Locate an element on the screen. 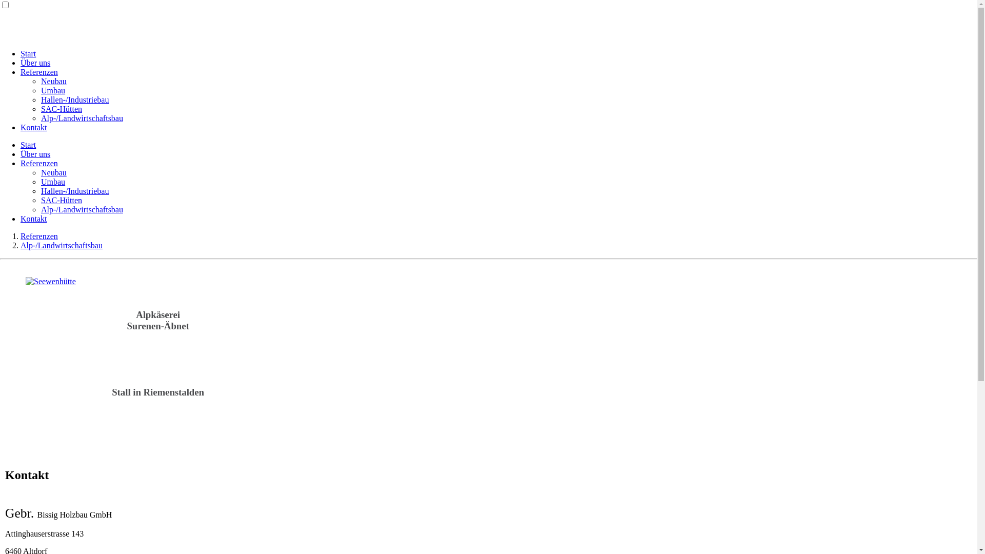  'Neubau' is located at coordinates (53, 172).